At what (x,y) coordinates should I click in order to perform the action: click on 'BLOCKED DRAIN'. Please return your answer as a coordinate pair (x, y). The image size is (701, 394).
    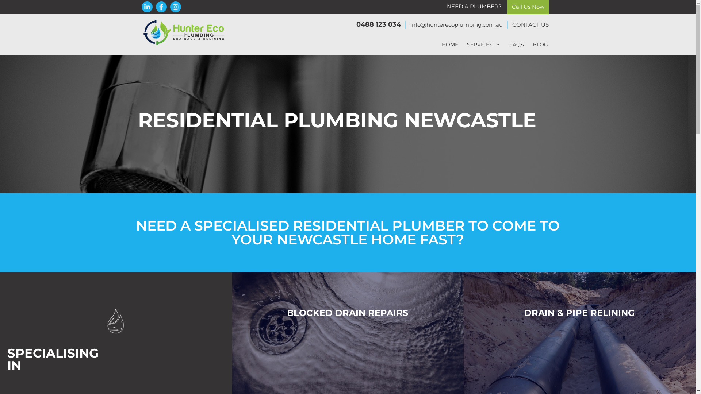
    Looking at the image, I should click on (287, 312).